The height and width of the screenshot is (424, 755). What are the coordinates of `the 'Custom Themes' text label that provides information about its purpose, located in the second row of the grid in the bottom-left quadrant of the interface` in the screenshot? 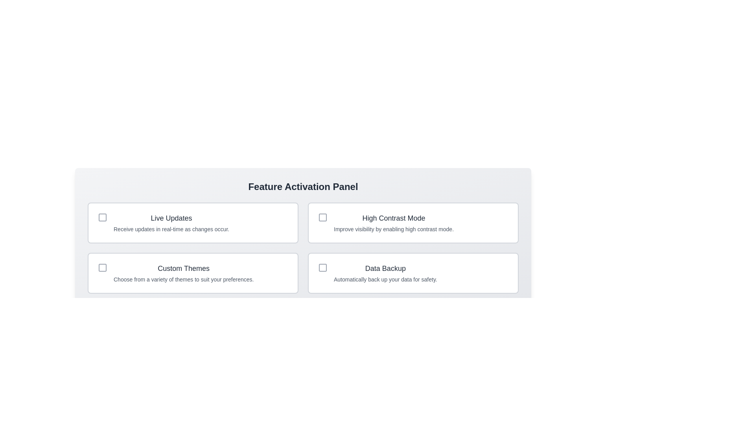 It's located at (183, 272).